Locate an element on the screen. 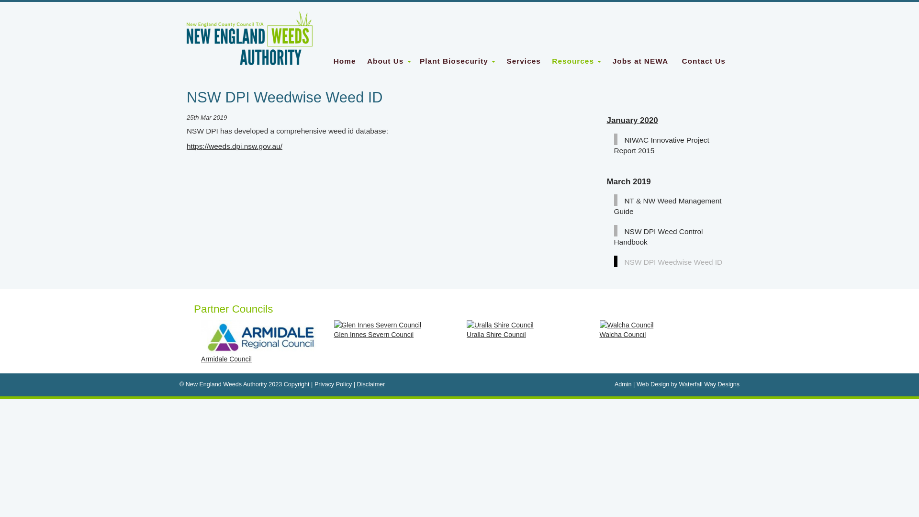 The height and width of the screenshot is (517, 919). 'NT & NW Weed Management Guide' is located at coordinates (667, 204).